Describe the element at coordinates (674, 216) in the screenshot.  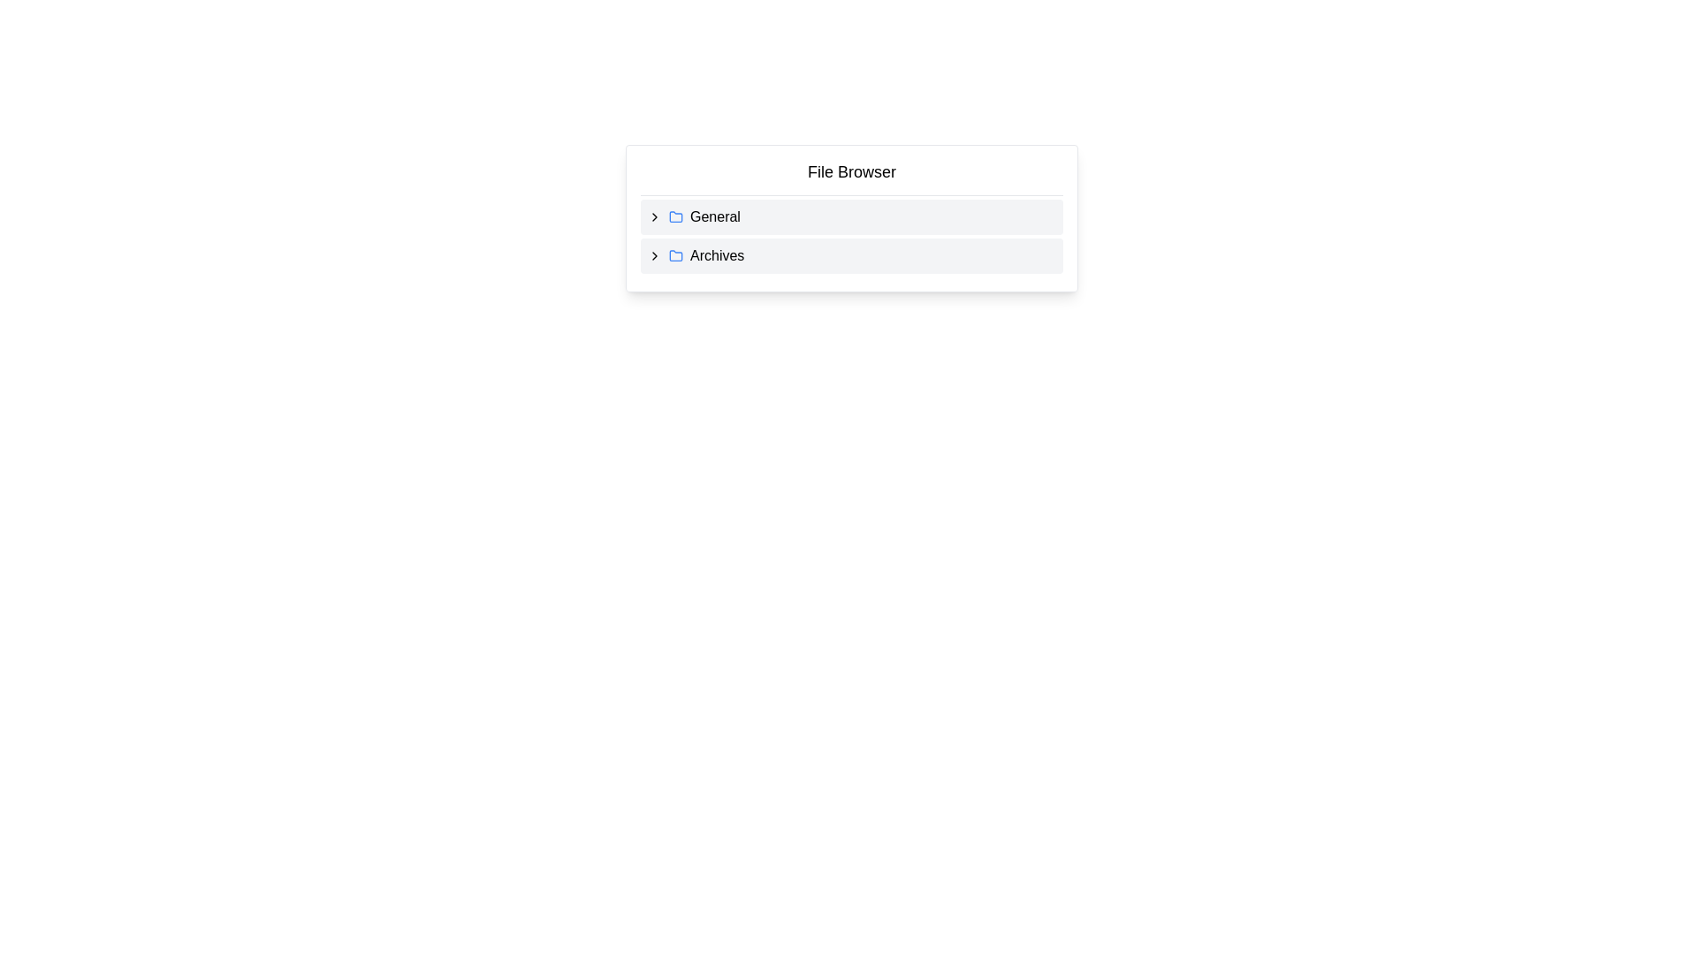
I see `the decorative folder icon located to the left of the 'General' text label in the file management interface` at that location.